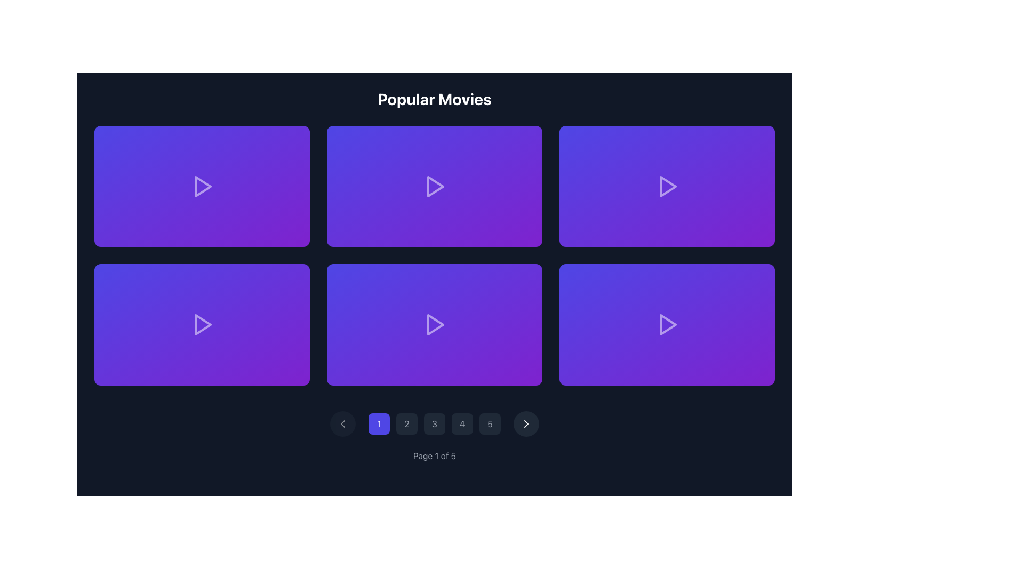 The height and width of the screenshot is (576, 1024). Describe the element at coordinates (203, 324) in the screenshot. I see `the play button located in the second row, first column of the grid layout` at that location.